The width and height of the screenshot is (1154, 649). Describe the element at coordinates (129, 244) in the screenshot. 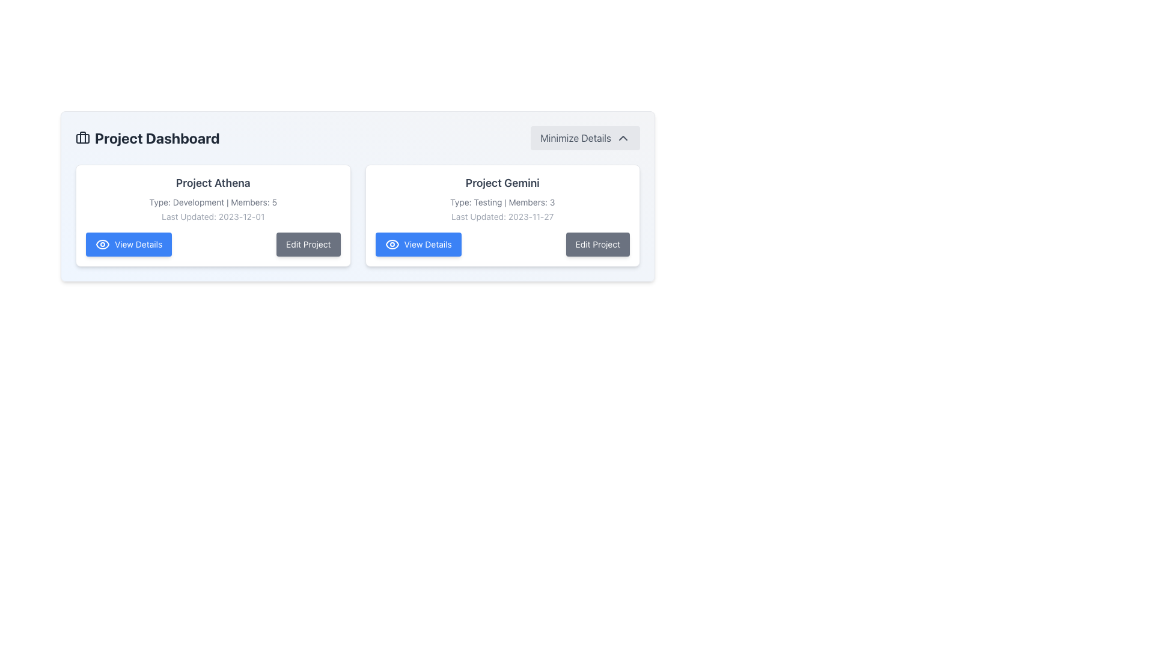

I see `the bright blue 'View Details' button located at the bottom of the 'Project Athena' card in the 'Project Dashboard'` at that location.